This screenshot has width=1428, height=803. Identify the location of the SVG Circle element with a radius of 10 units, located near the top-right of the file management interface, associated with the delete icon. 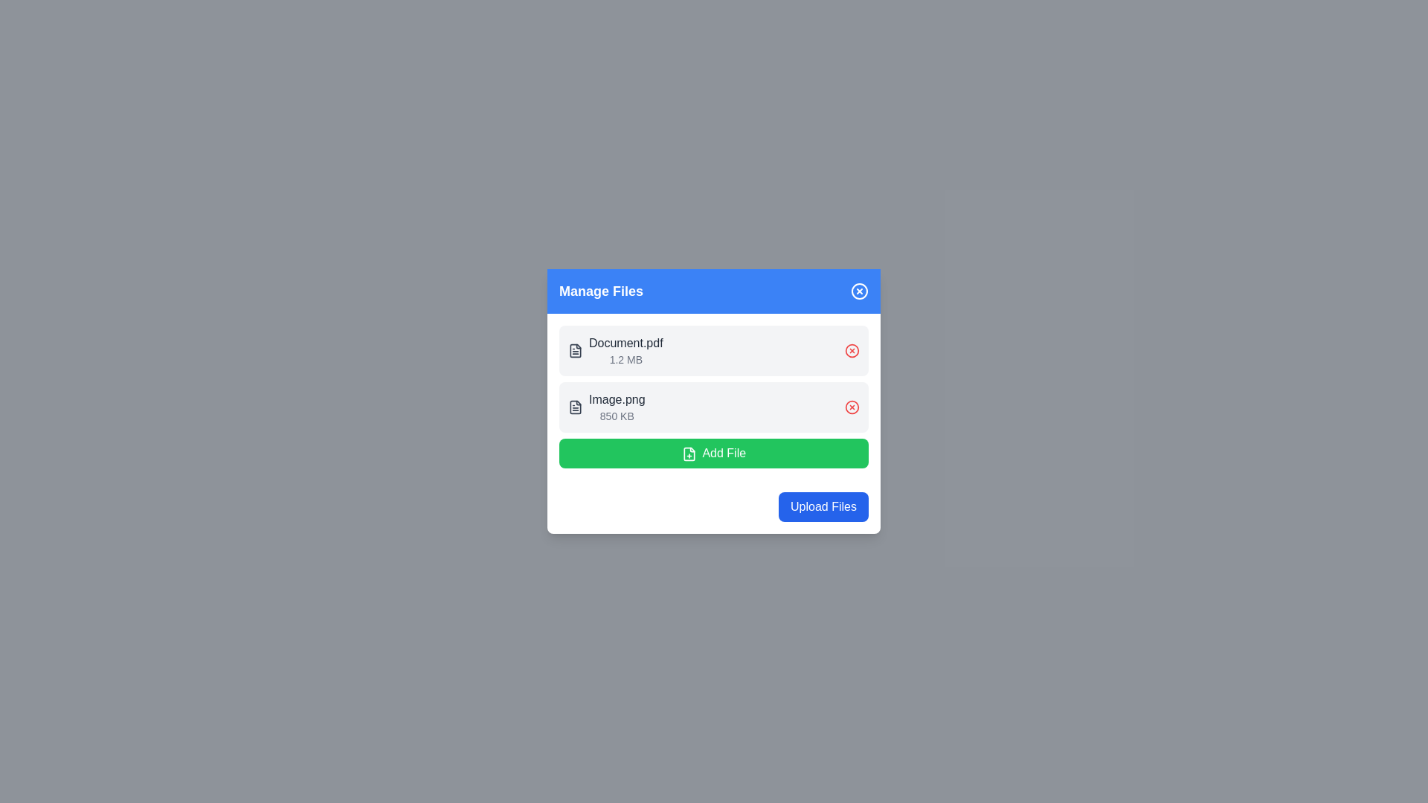
(852, 407).